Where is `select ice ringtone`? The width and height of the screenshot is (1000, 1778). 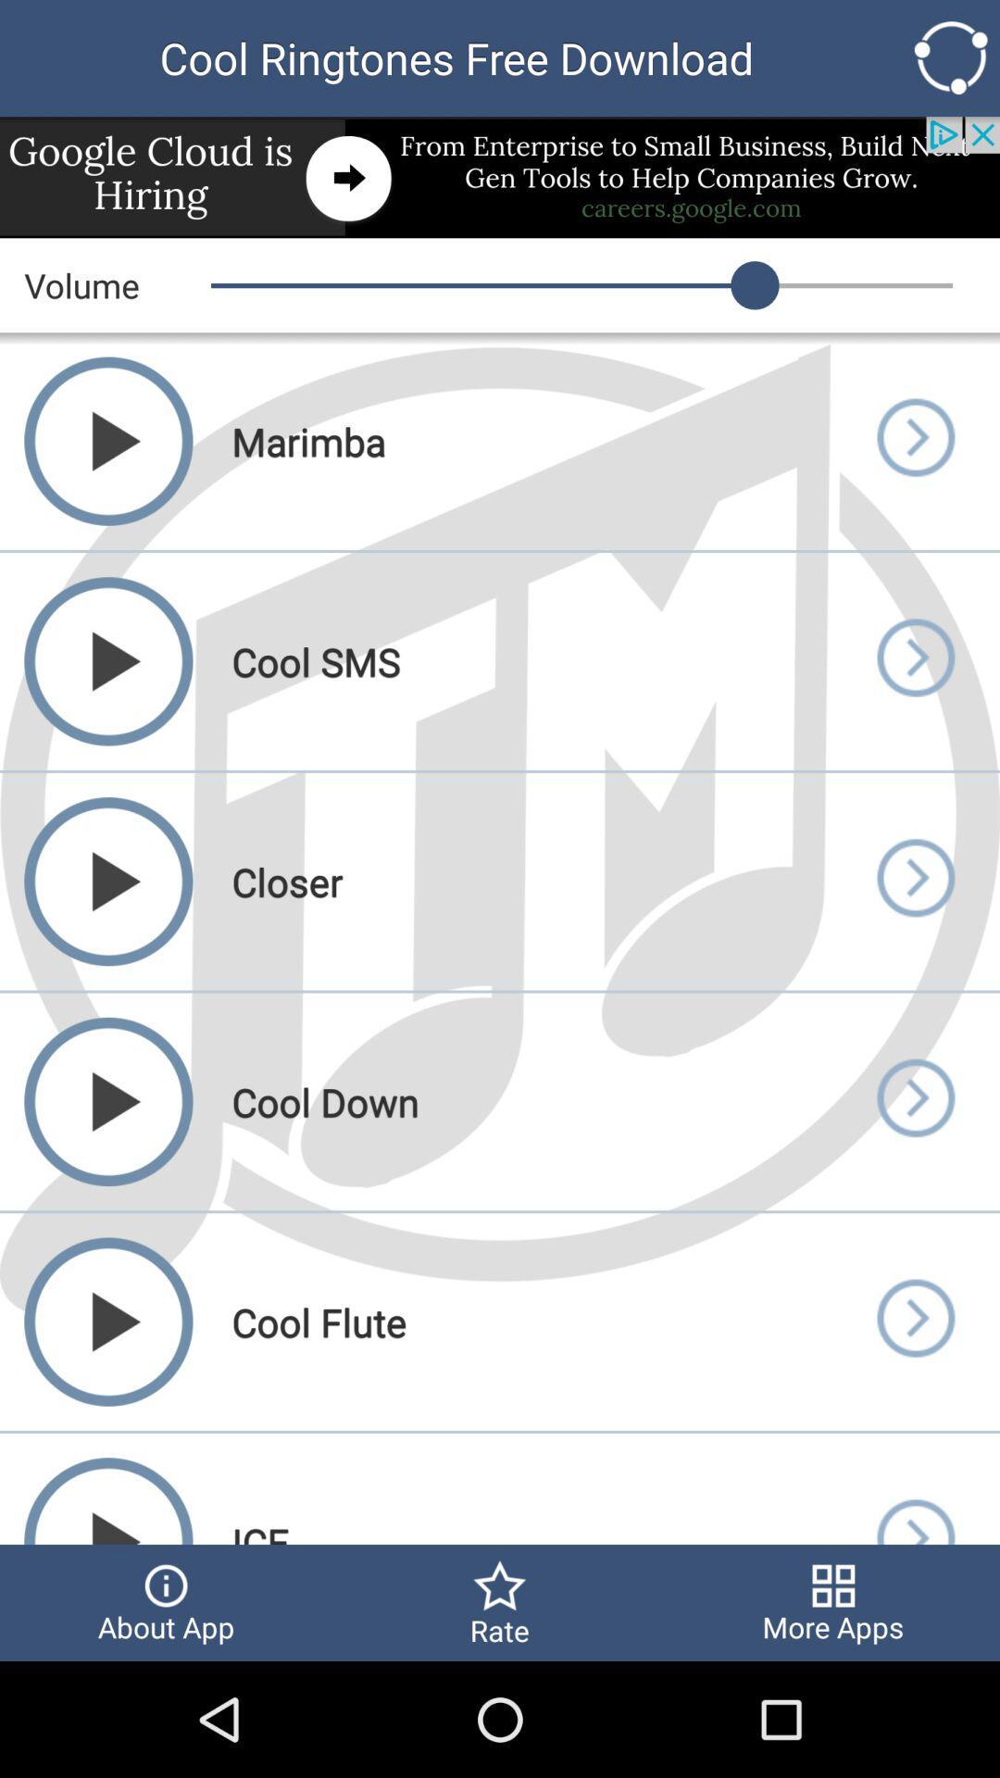 select ice ringtone is located at coordinates (914, 1489).